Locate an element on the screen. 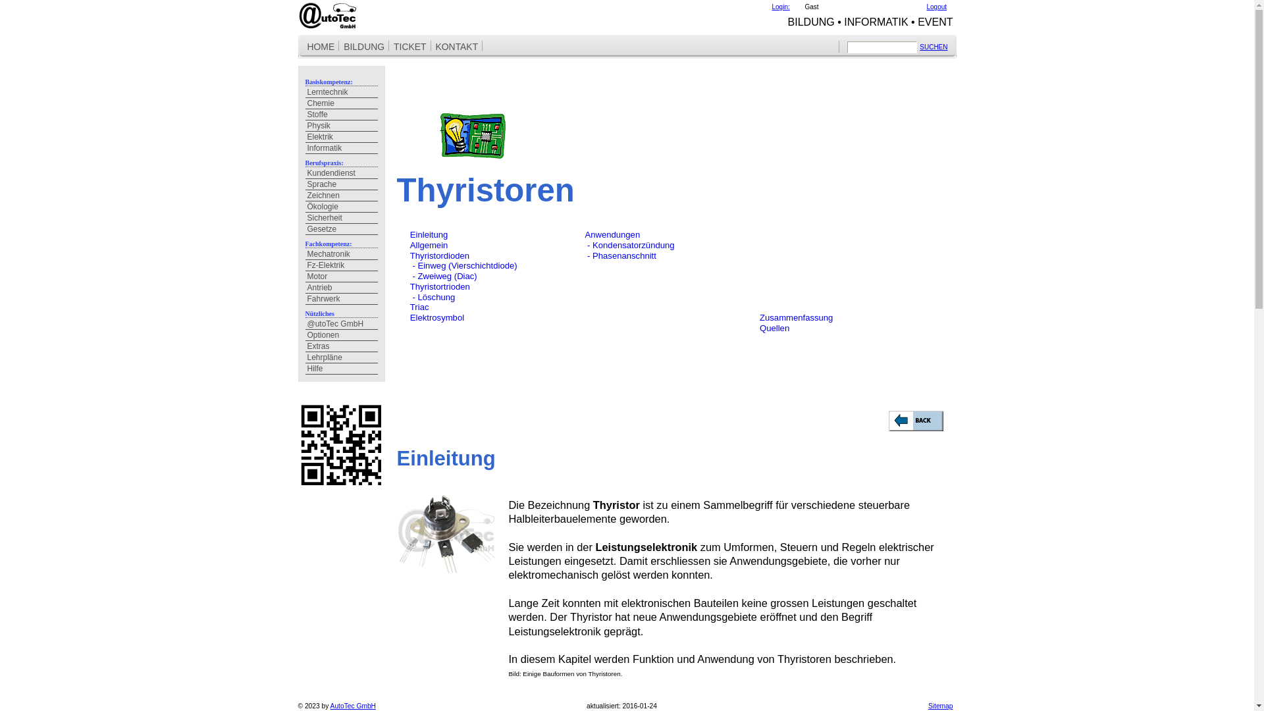  'Home @utoTec GmbH' is located at coordinates (327, 15).